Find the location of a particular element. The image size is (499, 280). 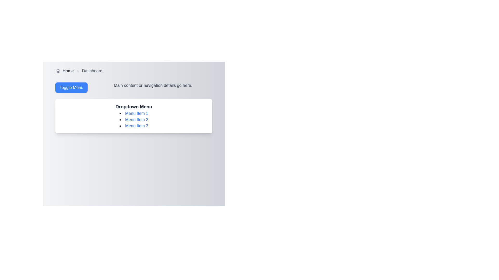

the third hyperlink in the 'Dropdown Menu' is located at coordinates (134, 126).